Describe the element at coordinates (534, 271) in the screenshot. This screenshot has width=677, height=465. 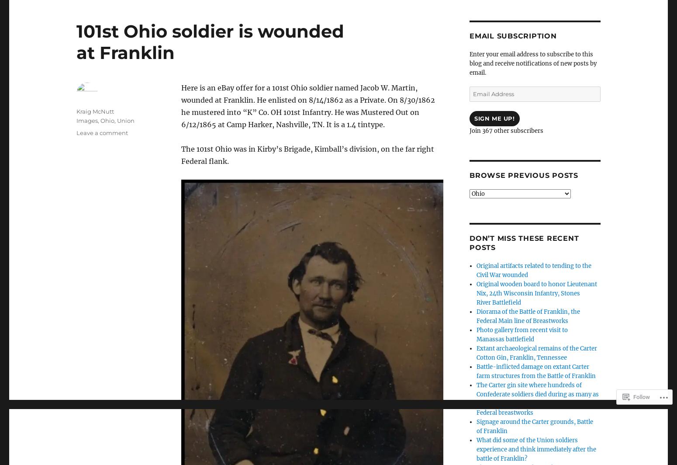
I see `'Original artifacts related to tending to the Civil War wounded'` at that location.